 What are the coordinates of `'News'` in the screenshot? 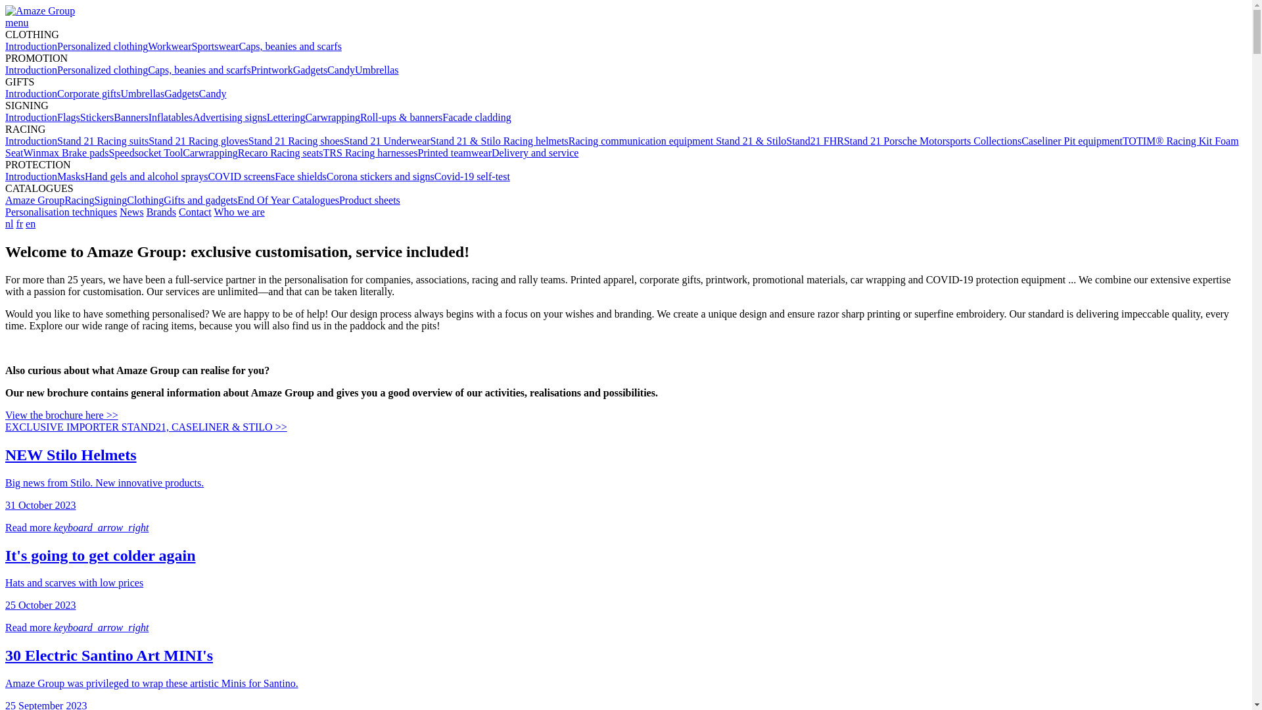 It's located at (131, 211).